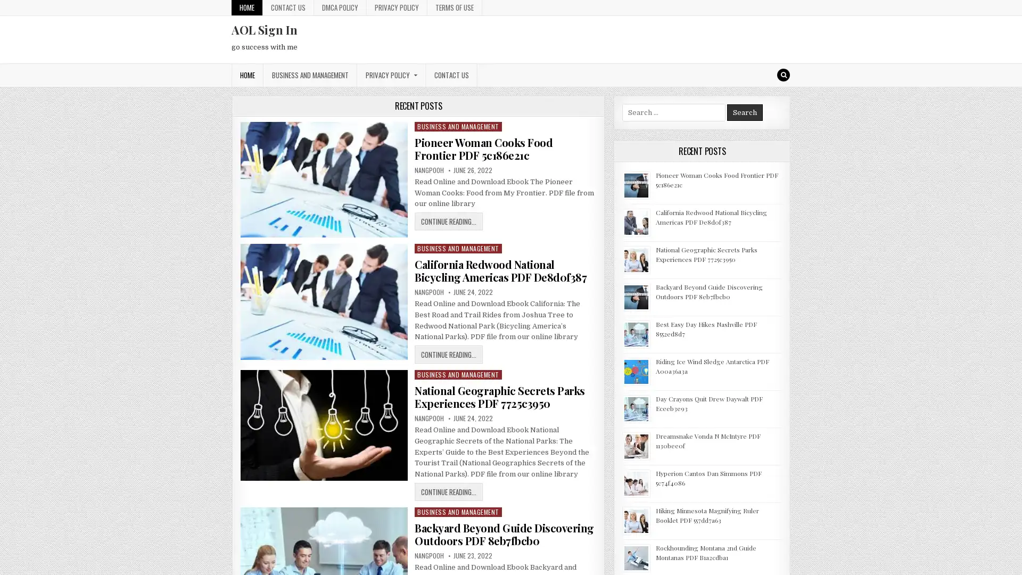  I want to click on Search, so click(744, 112).